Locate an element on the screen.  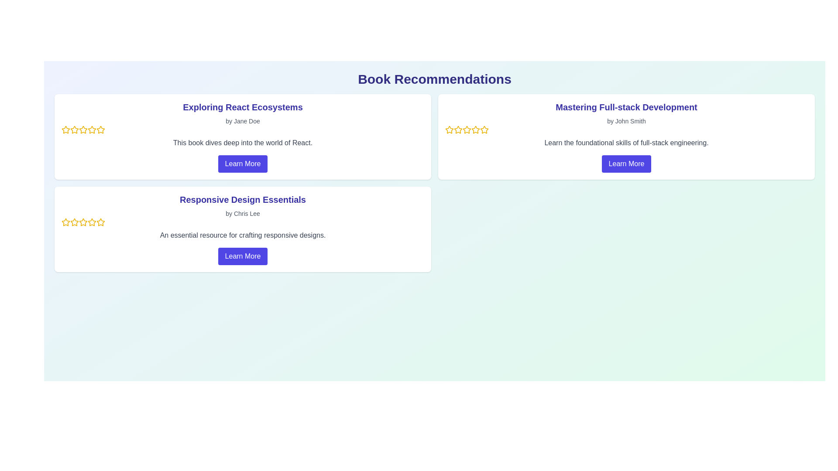
the fourth star icon, which represents a rating value under the book 'Mastering Full-stack Development' is located at coordinates (467, 130).